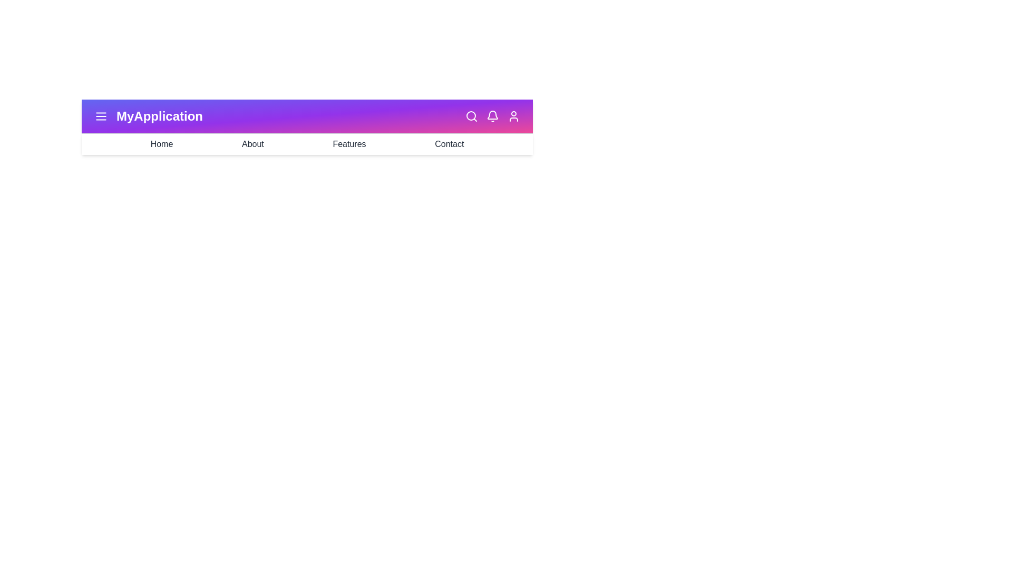  I want to click on the menu item Contact from the dropdown menu, so click(449, 144).